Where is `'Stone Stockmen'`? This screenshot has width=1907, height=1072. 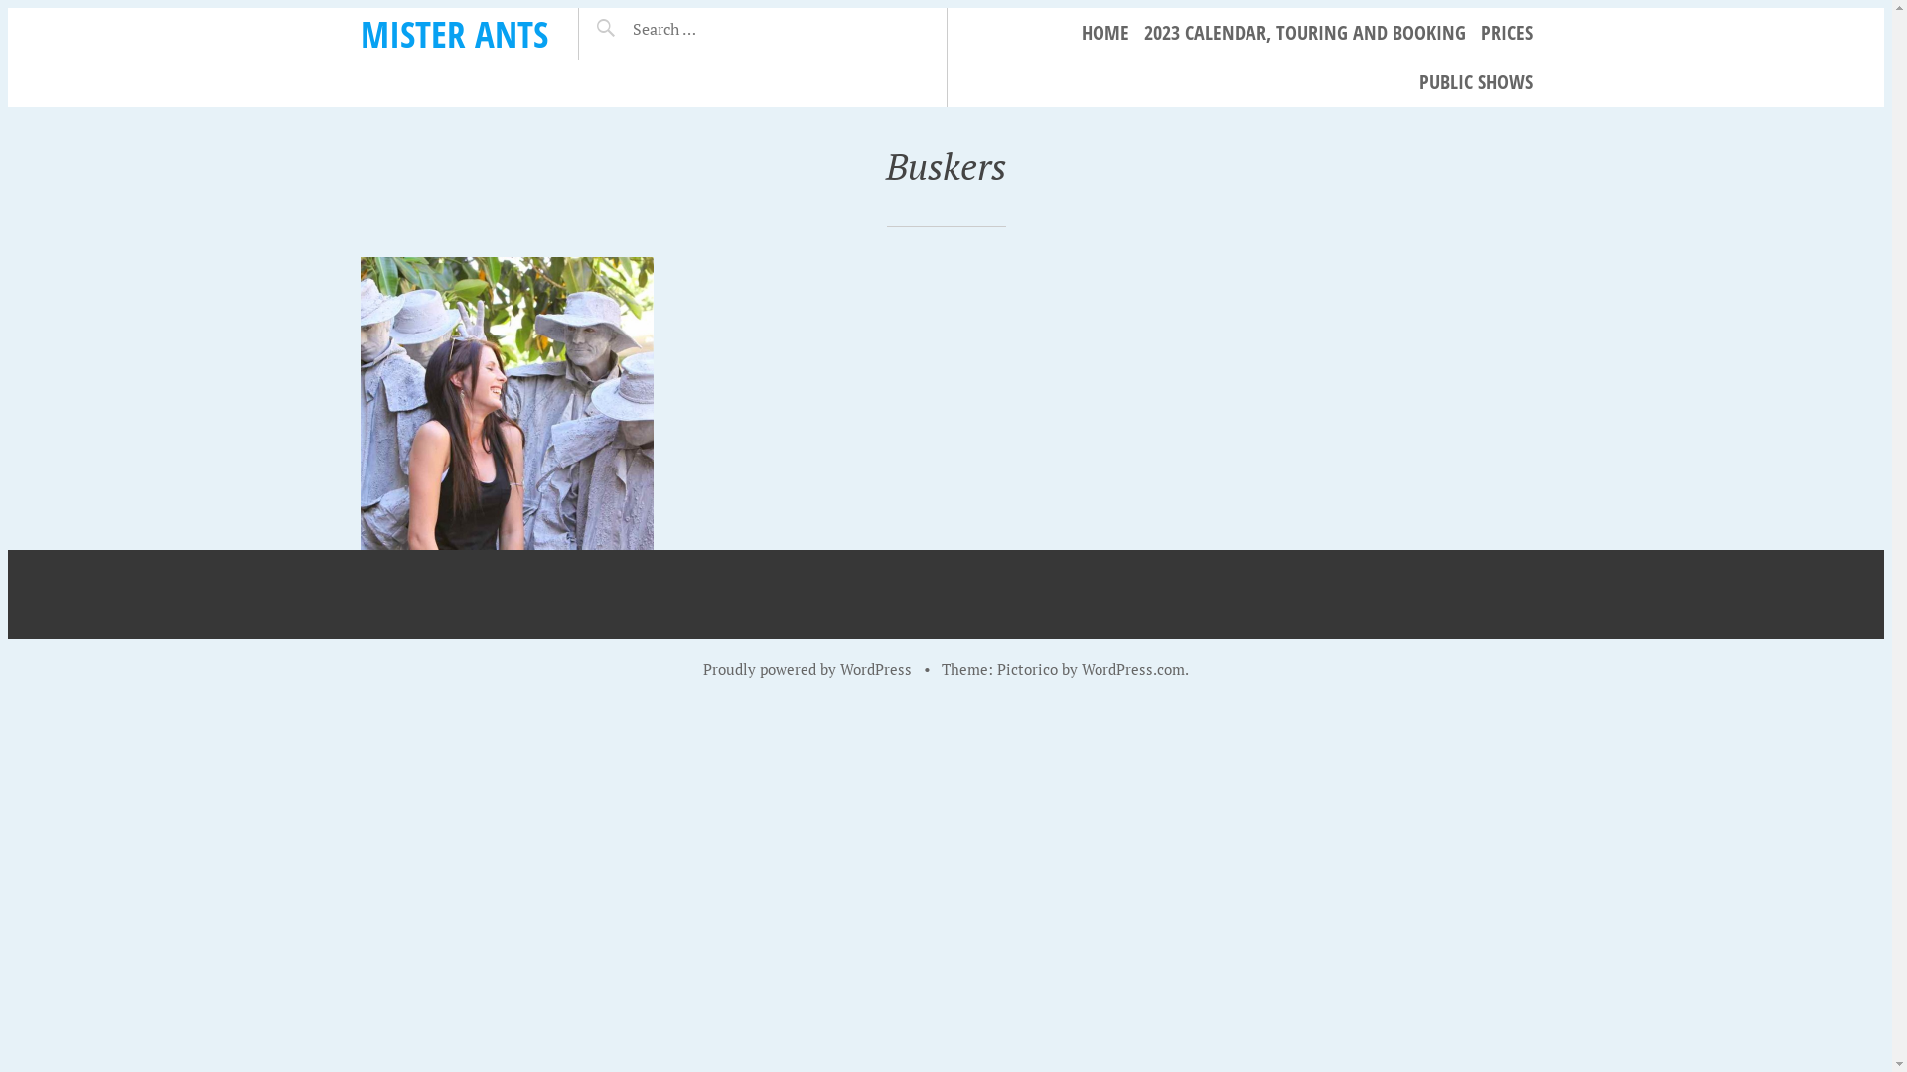
'Stone Stockmen' is located at coordinates (506, 402).